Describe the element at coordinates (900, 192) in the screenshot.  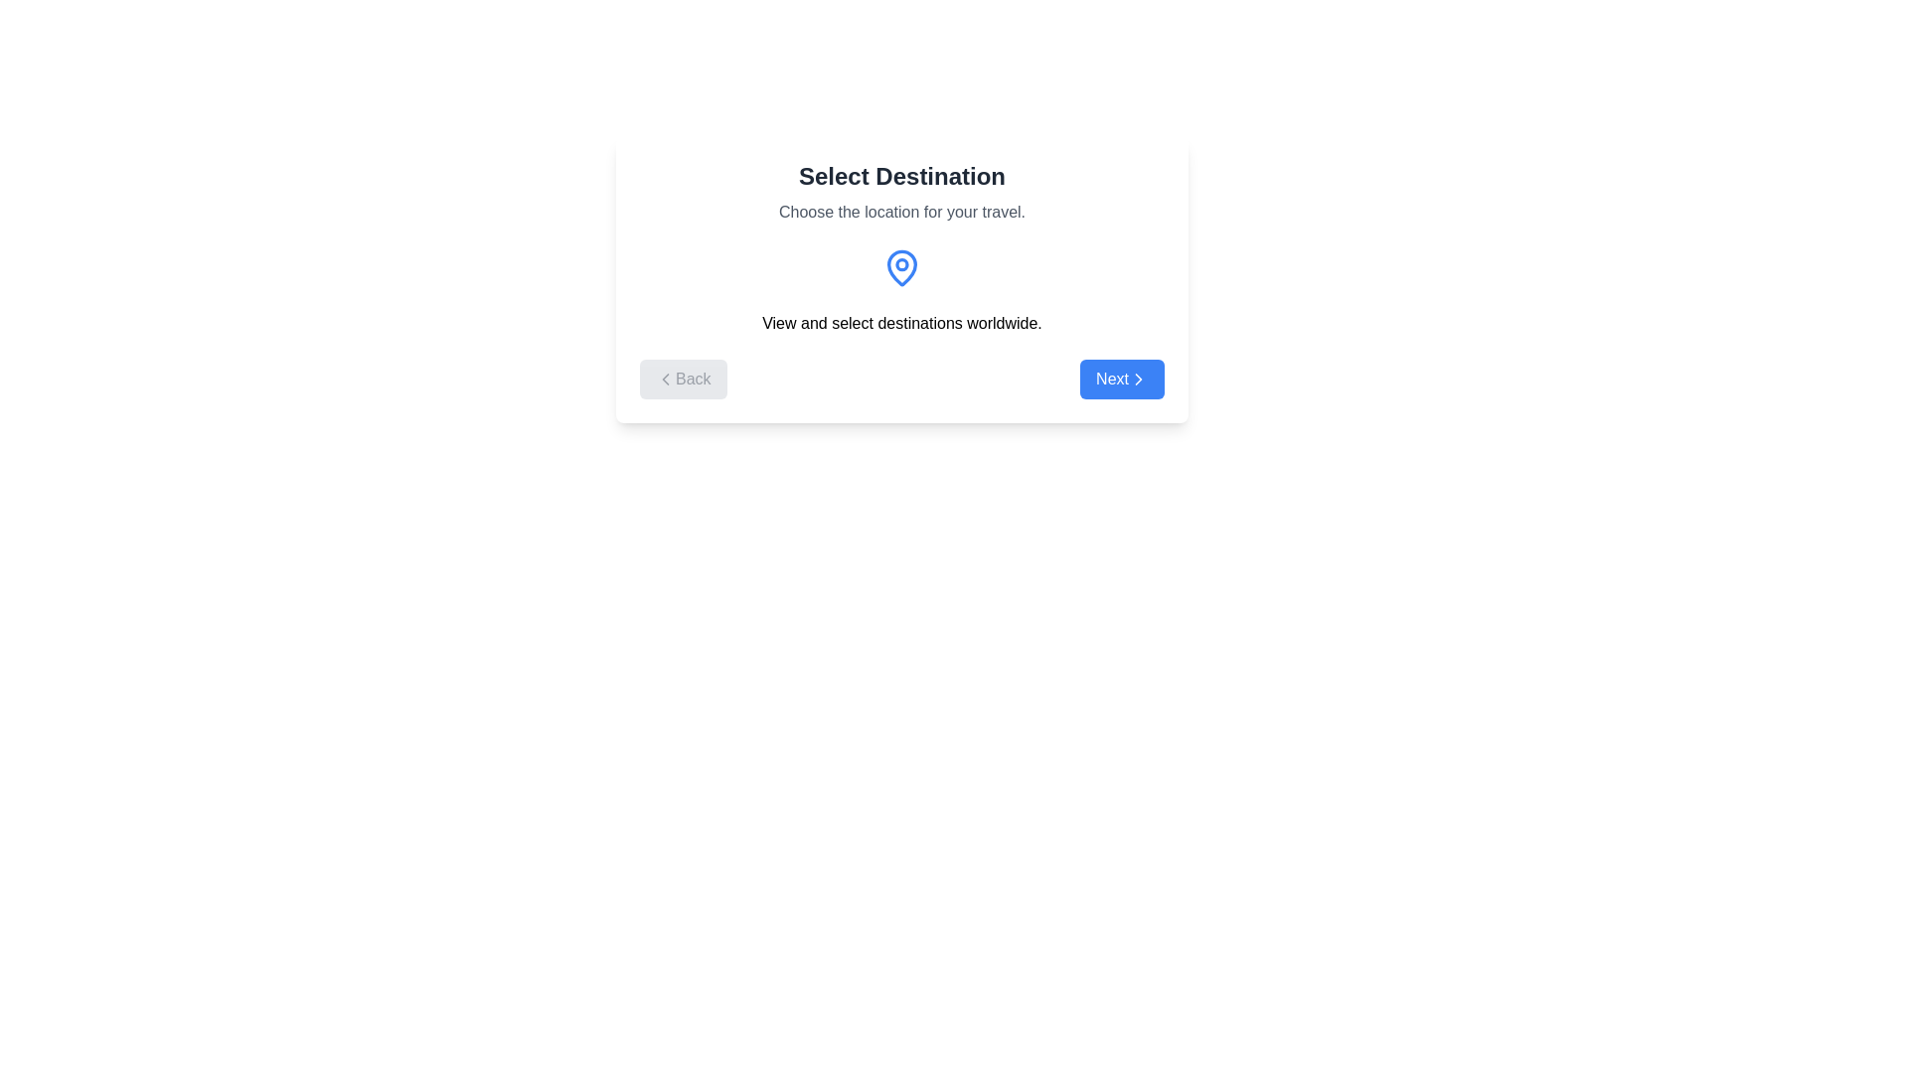
I see `the text block that has the header 'Select Destination' and subtext 'Choose the location for your travel.'` at that location.